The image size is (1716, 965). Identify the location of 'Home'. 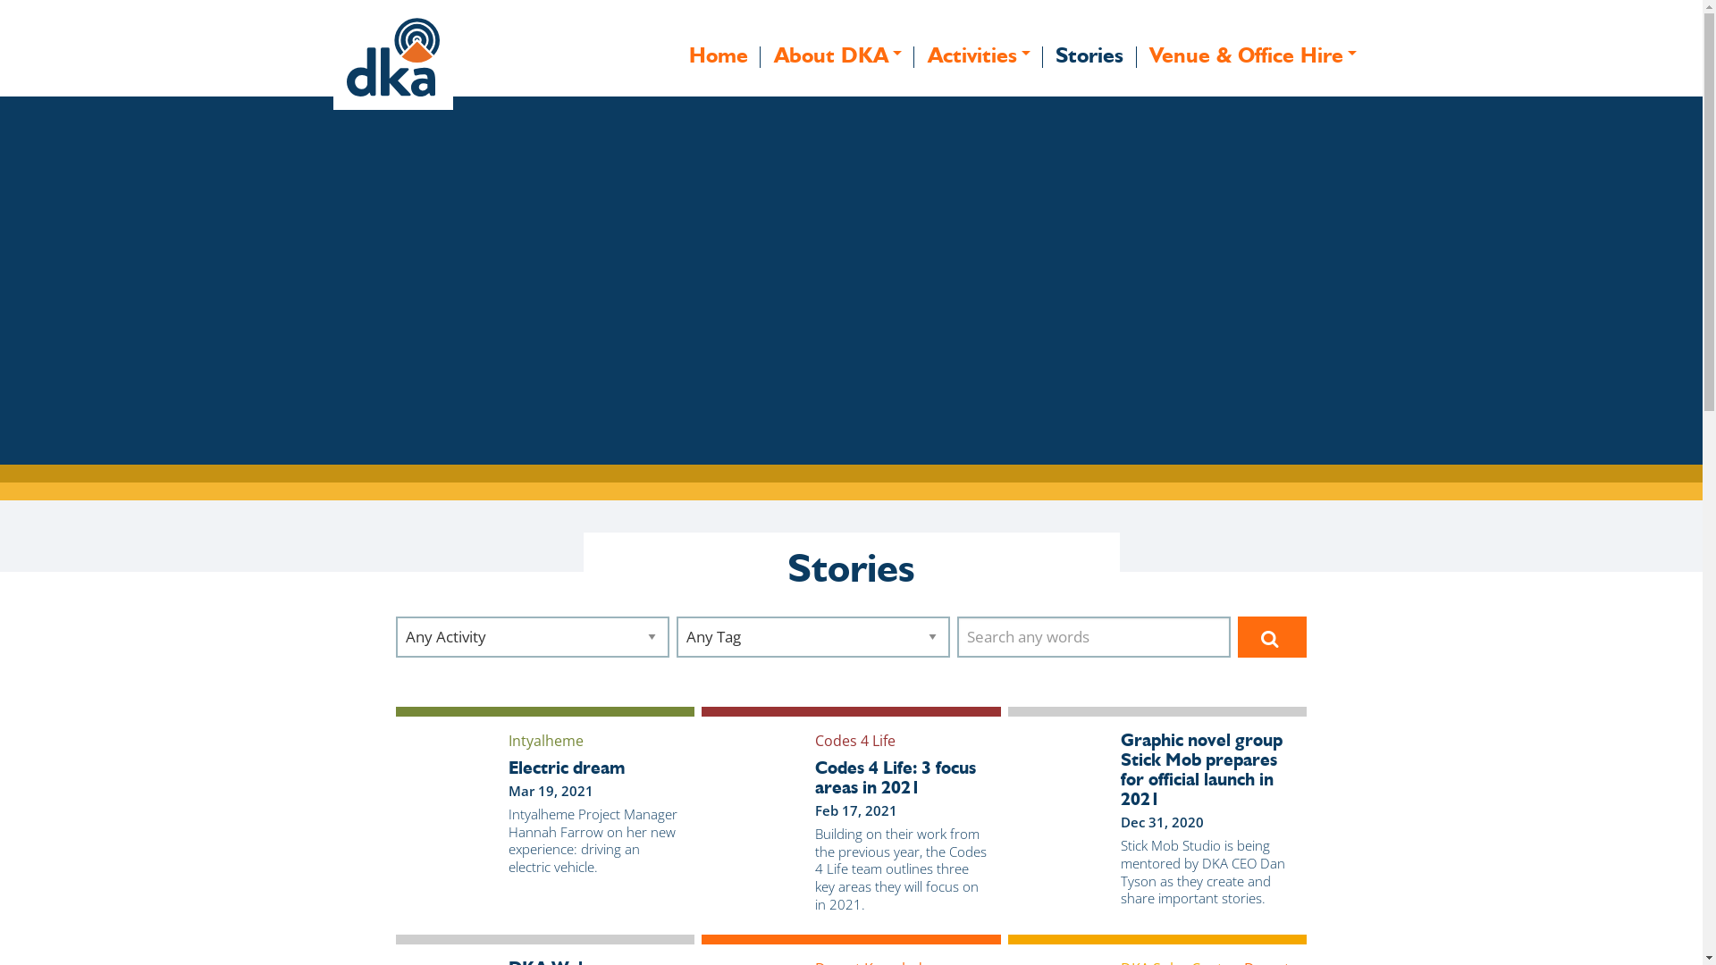
(719, 55).